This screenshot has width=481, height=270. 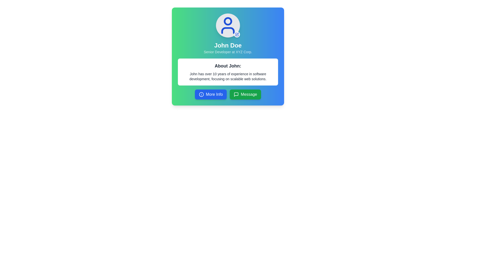 I want to click on the 'Message' button in the button group located at the bottom center of John Doe's card, so click(x=228, y=94).